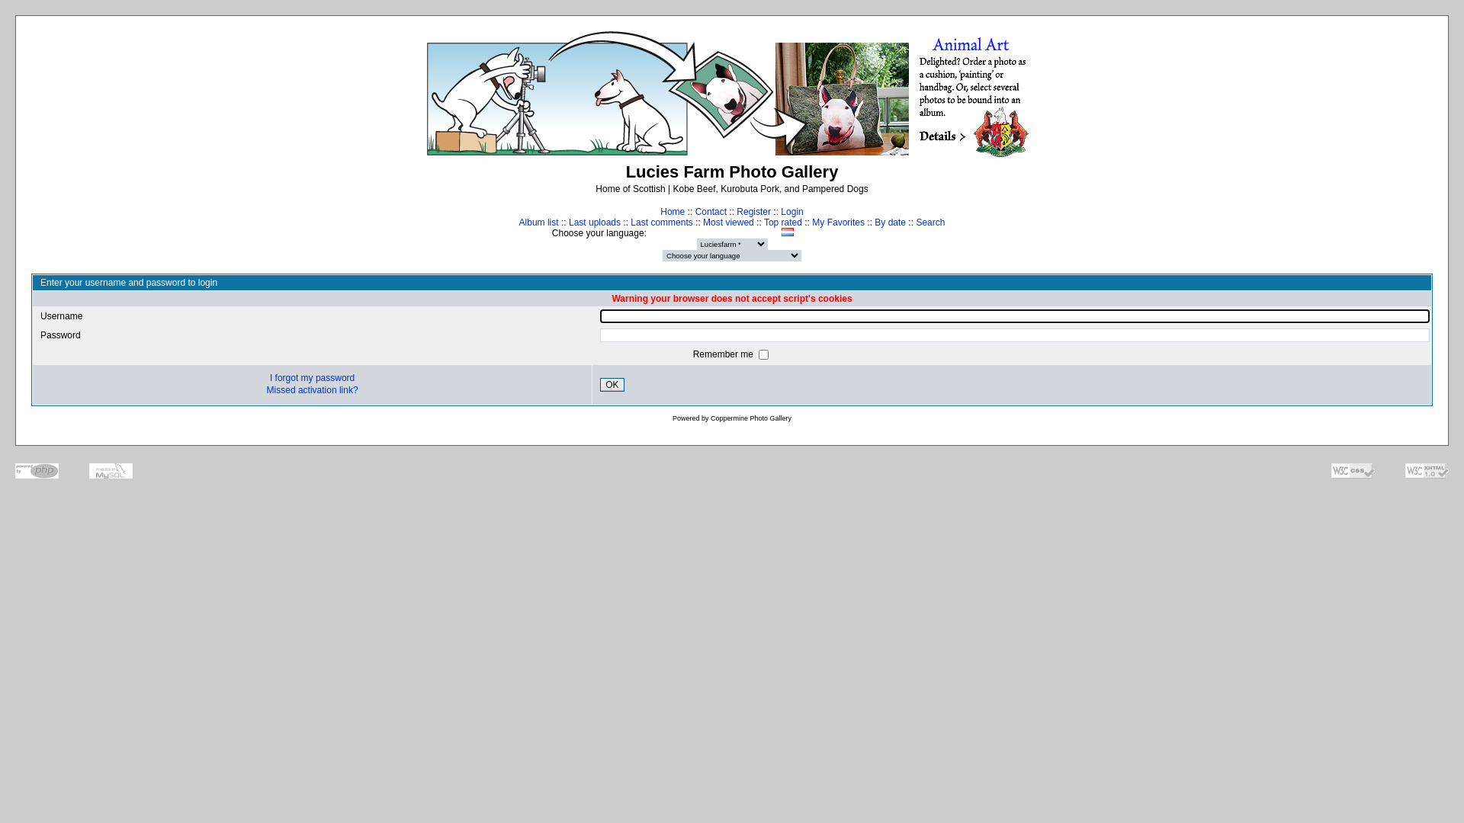 This screenshot has width=1464, height=823. Describe the element at coordinates (801, 232) in the screenshot. I see `'Polish / Polski'` at that location.